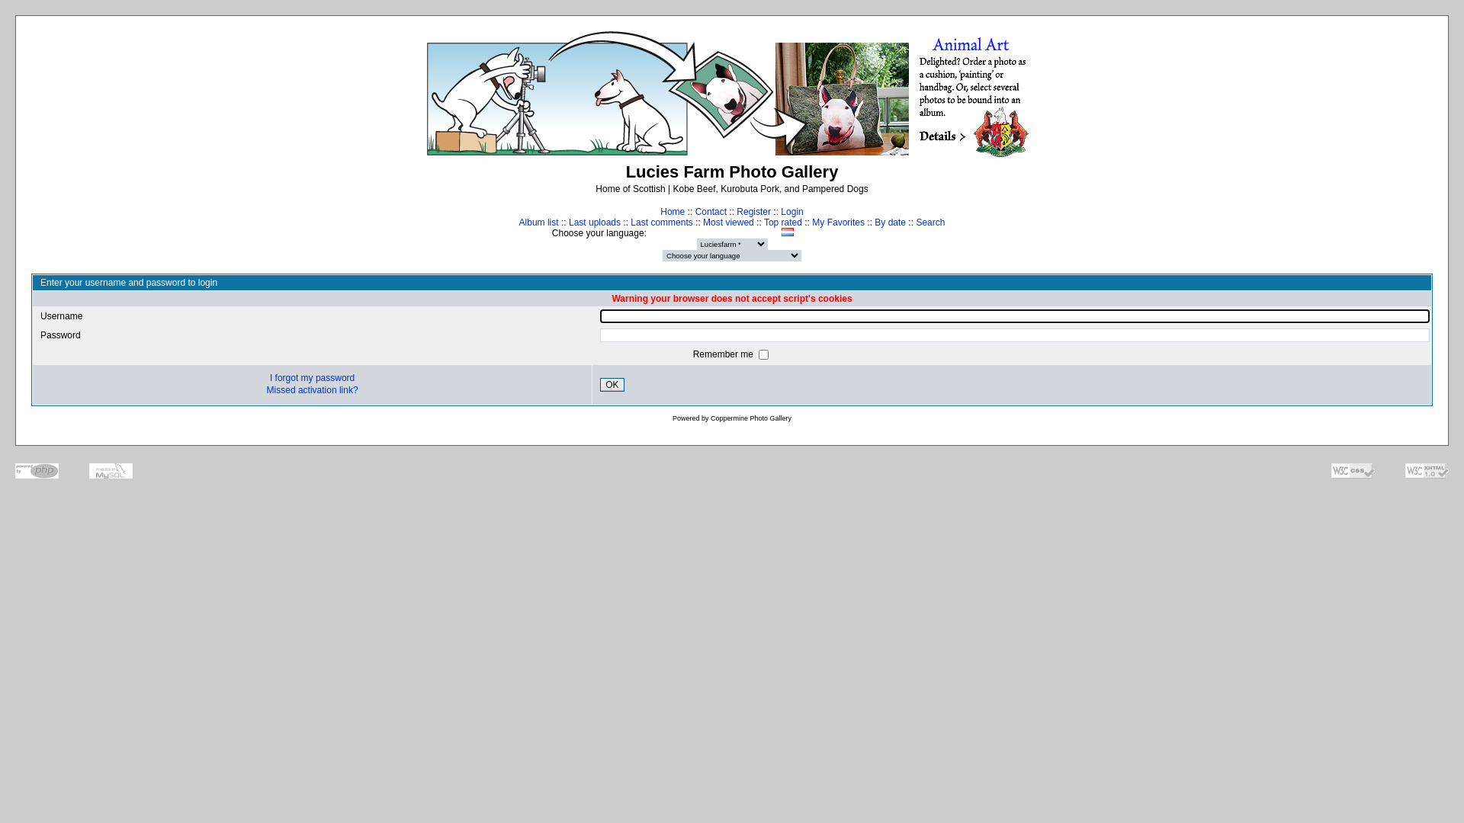 This screenshot has width=1464, height=823. Describe the element at coordinates (801, 232) in the screenshot. I see `'Polish / Polski'` at that location.